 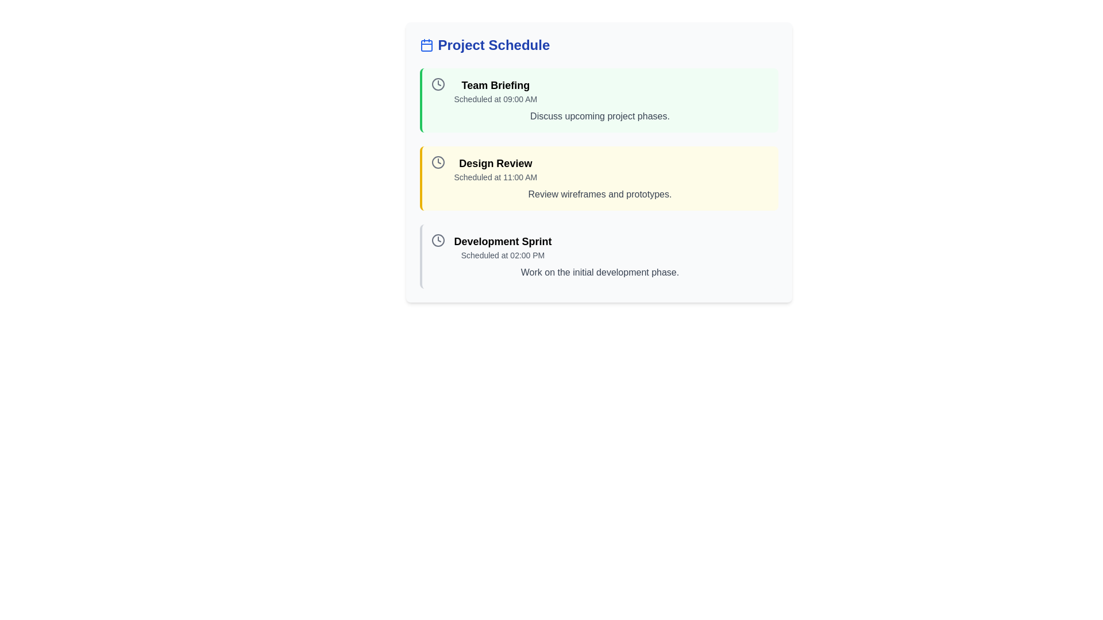 I want to click on the title text label of the second schedule item in the vertically aligned list of events, so click(x=495, y=164).